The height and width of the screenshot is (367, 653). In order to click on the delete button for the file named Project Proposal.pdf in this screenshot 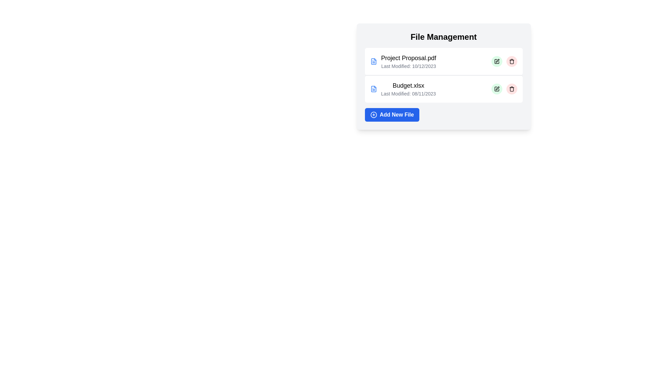, I will do `click(512, 62)`.